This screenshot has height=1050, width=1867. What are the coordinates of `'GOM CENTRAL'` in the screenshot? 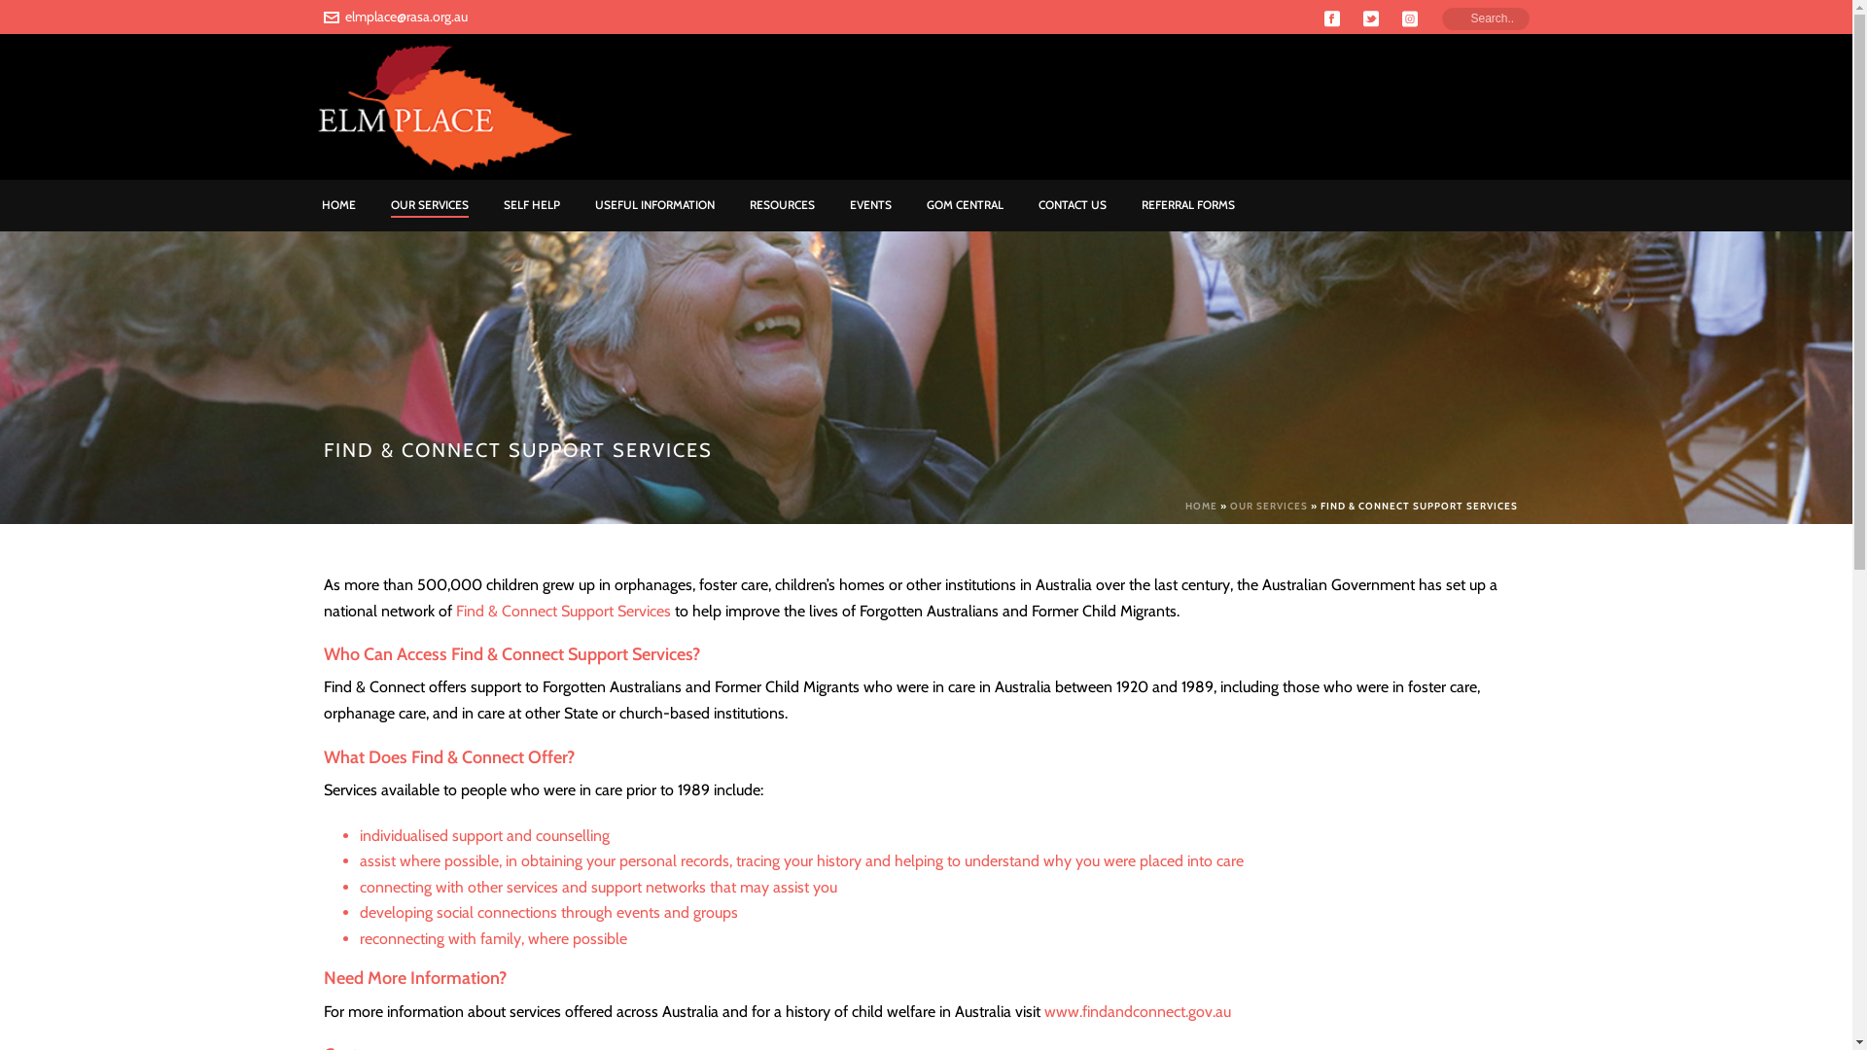 It's located at (964, 205).